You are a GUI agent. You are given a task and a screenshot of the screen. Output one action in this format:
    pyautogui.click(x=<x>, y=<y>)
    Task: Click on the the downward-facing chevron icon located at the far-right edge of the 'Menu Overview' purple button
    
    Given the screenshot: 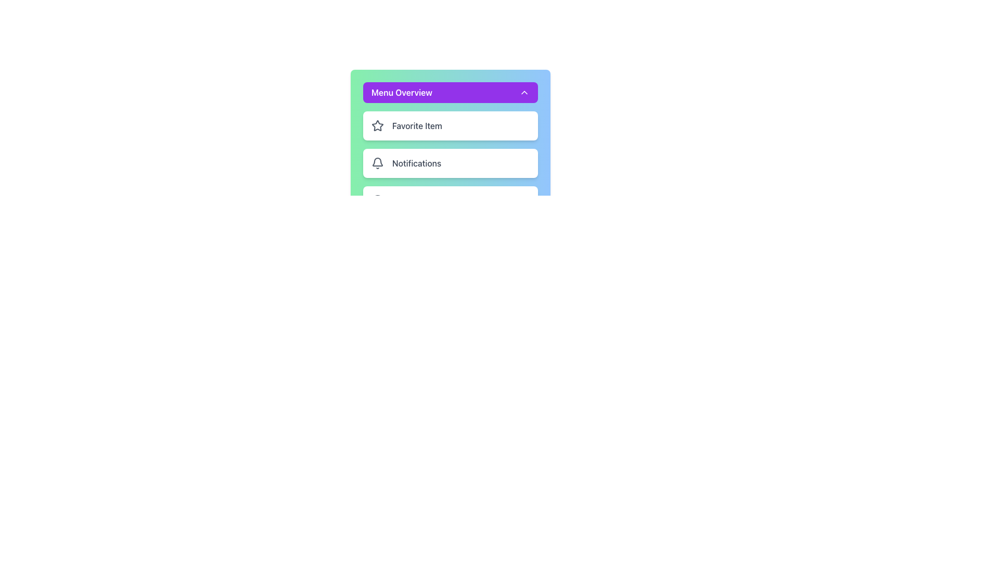 What is the action you would take?
    pyautogui.click(x=524, y=92)
    